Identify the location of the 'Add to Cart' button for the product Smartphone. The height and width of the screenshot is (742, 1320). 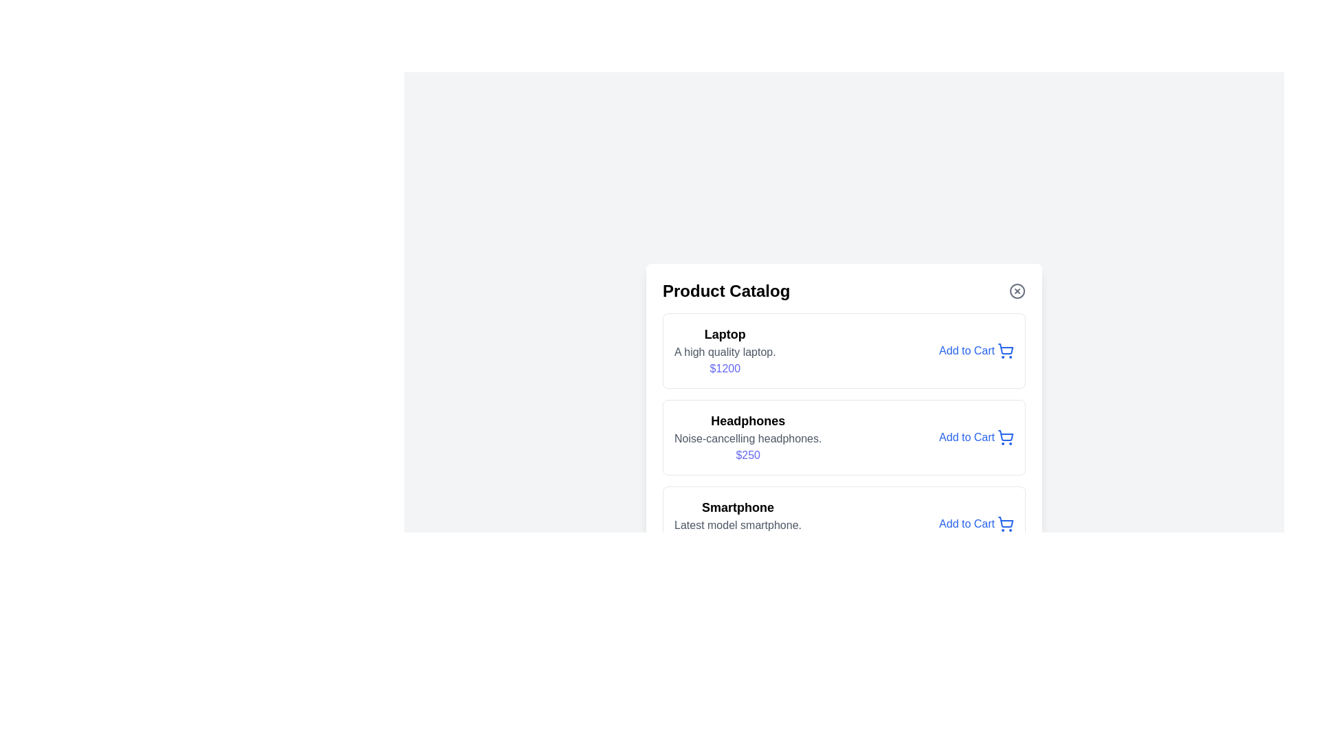
(976, 524).